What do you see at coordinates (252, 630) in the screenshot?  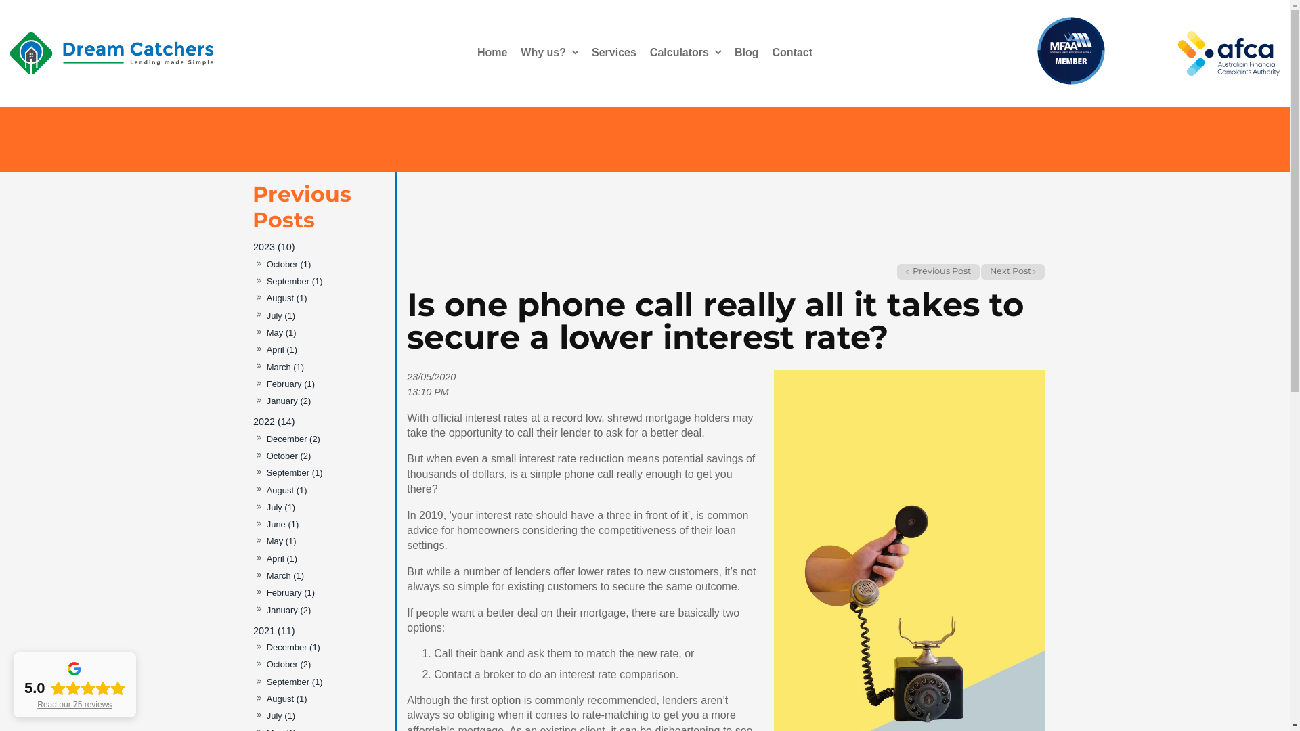 I see `'2021 (11)'` at bounding box center [252, 630].